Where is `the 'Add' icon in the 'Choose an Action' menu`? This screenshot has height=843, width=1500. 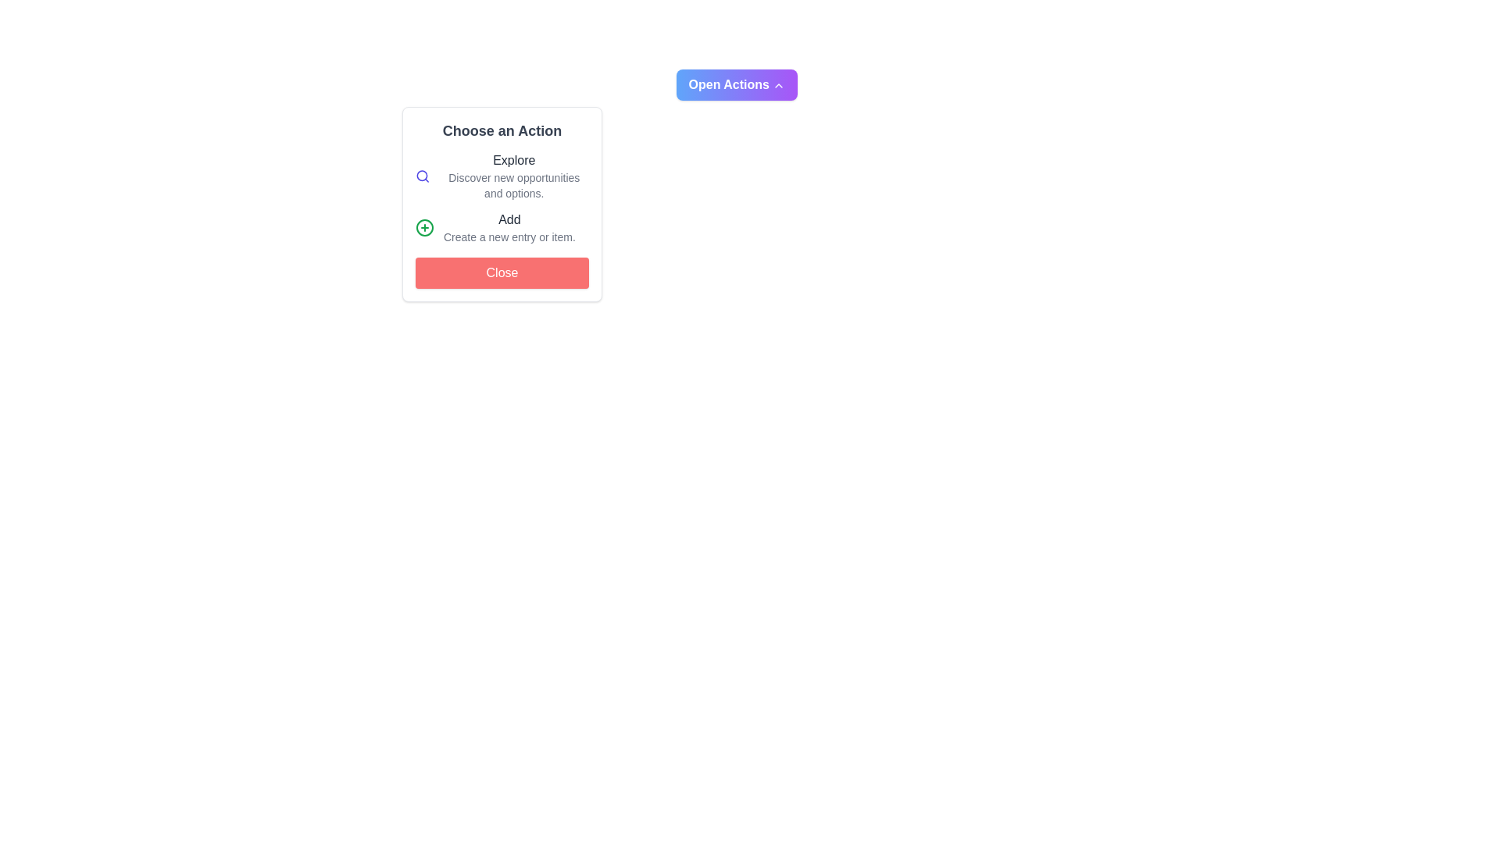 the 'Add' icon in the 'Choose an Action' menu is located at coordinates (424, 228).